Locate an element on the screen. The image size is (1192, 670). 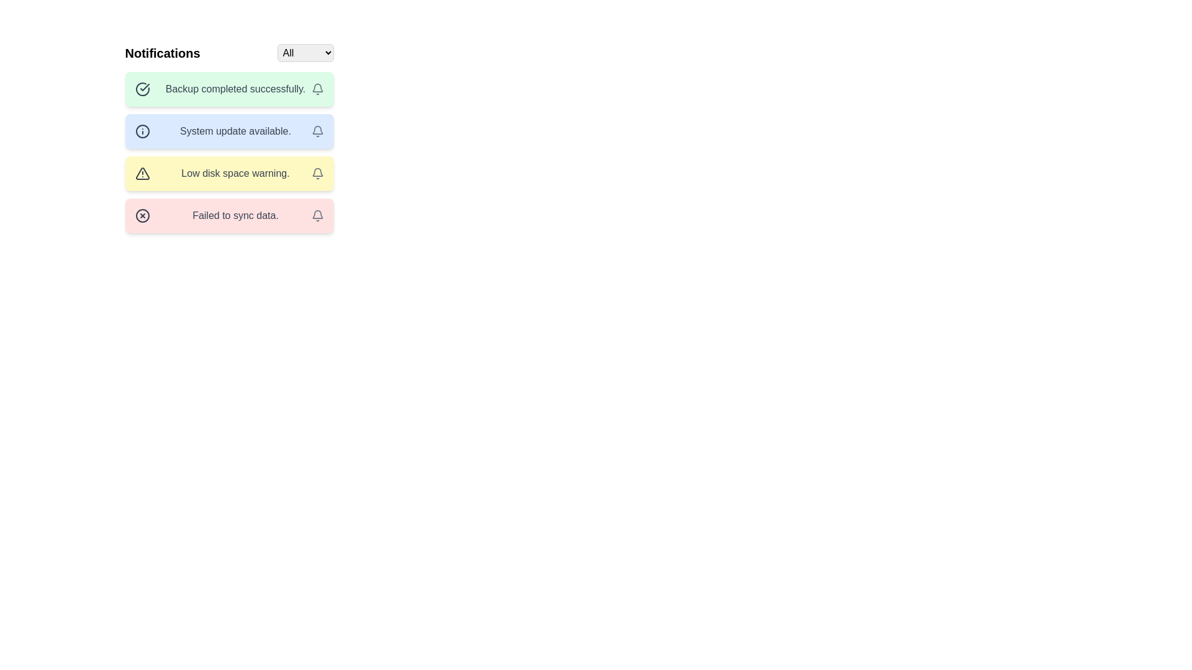
the circular red 'X' icon located in the fourth notification box that indicates 'Failed to sync data.' is located at coordinates (142, 215).